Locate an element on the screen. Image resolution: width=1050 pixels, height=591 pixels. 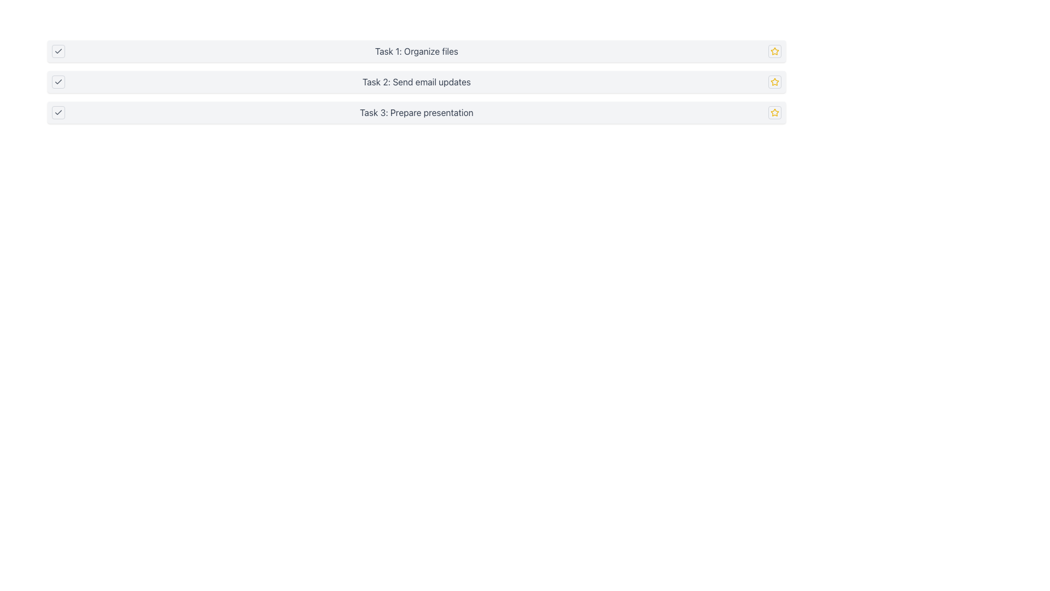
the checkbox for 'Task 1: Organize files' is located at coordinates (57, 51).